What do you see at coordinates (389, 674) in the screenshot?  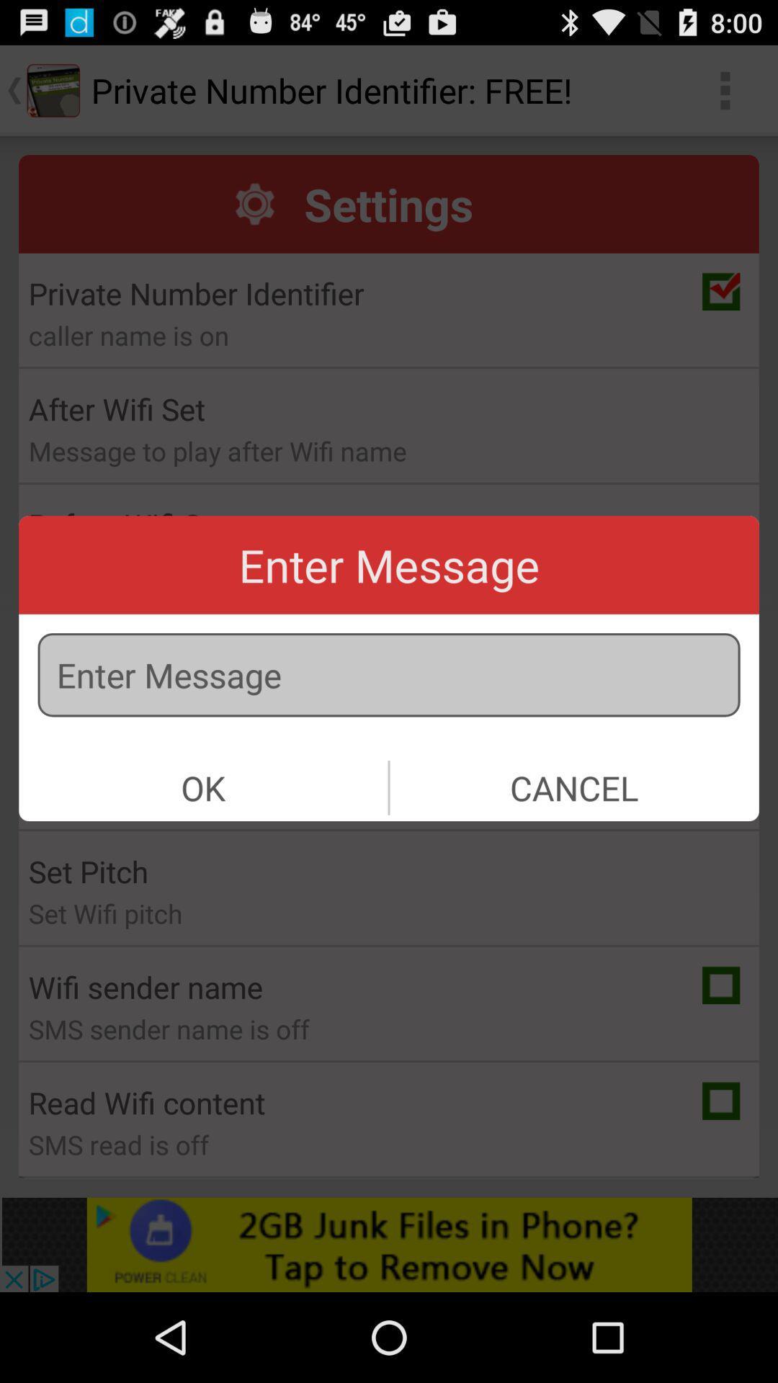 I see `message` at bounding box center [389, 674].